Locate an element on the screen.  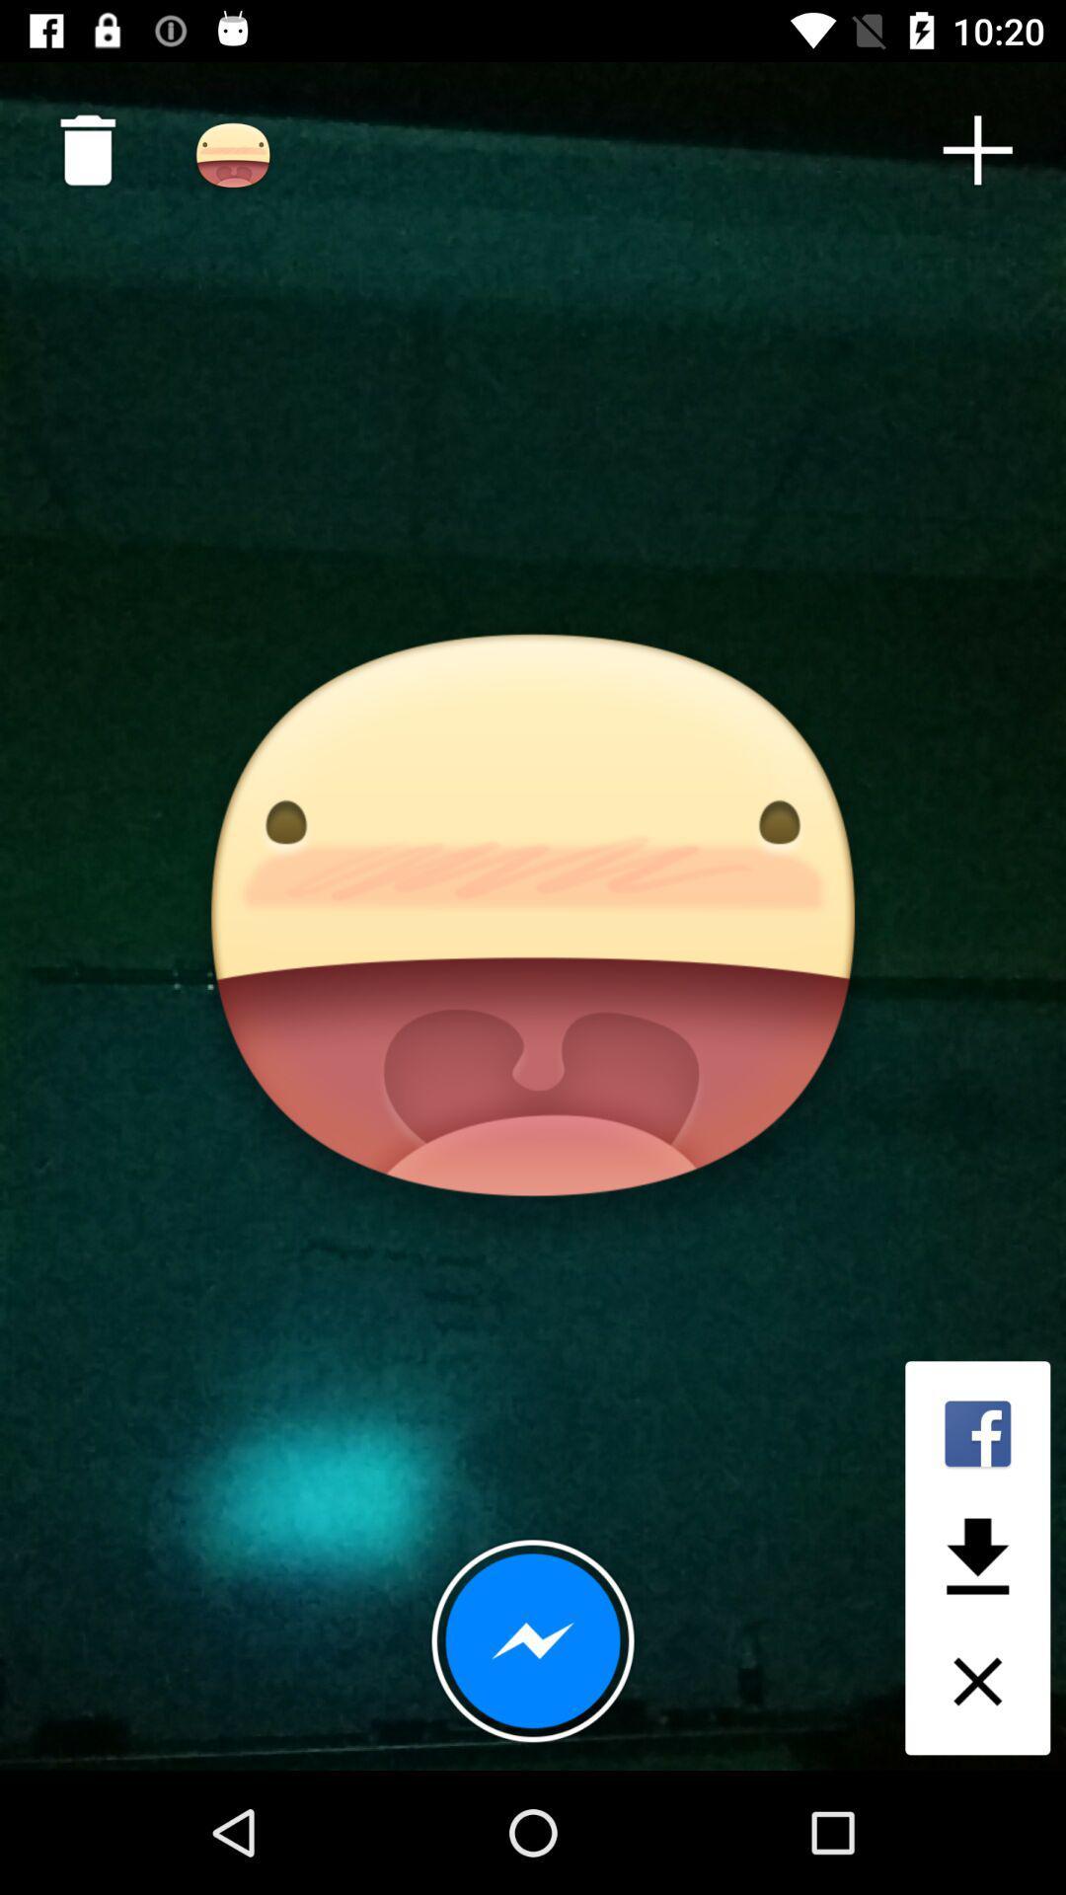
the file_download icon is located at coordinates (977, 1556).